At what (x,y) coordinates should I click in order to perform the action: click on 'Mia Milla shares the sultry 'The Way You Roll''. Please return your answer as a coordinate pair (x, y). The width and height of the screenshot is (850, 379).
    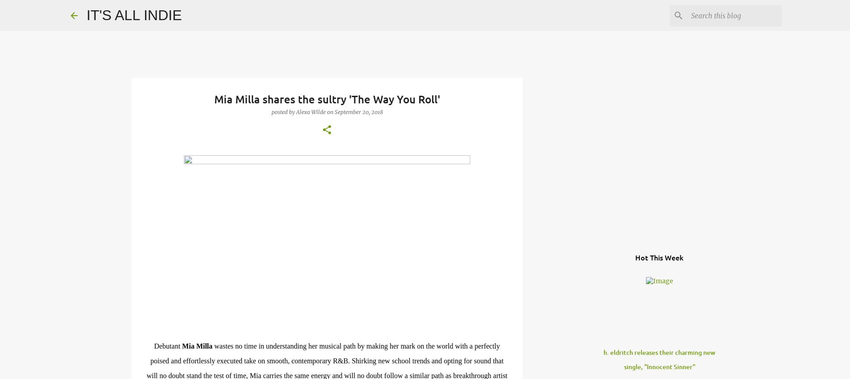
    Looking at the image, I should click on (326, 99).